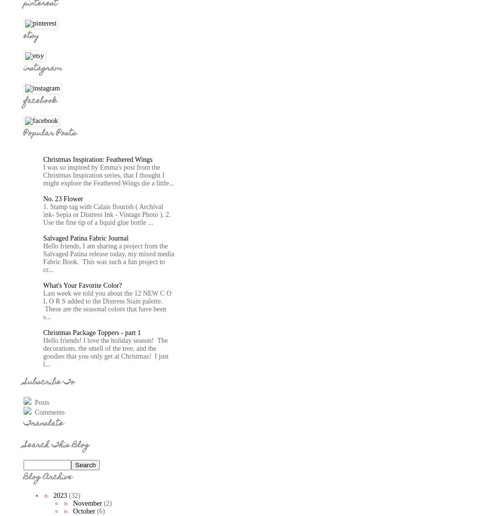 The image size is (495, 516). What do you see at coordinates (41, 402) in the screenshot?
I see `'Posts'` at bounding box center [41, 402].